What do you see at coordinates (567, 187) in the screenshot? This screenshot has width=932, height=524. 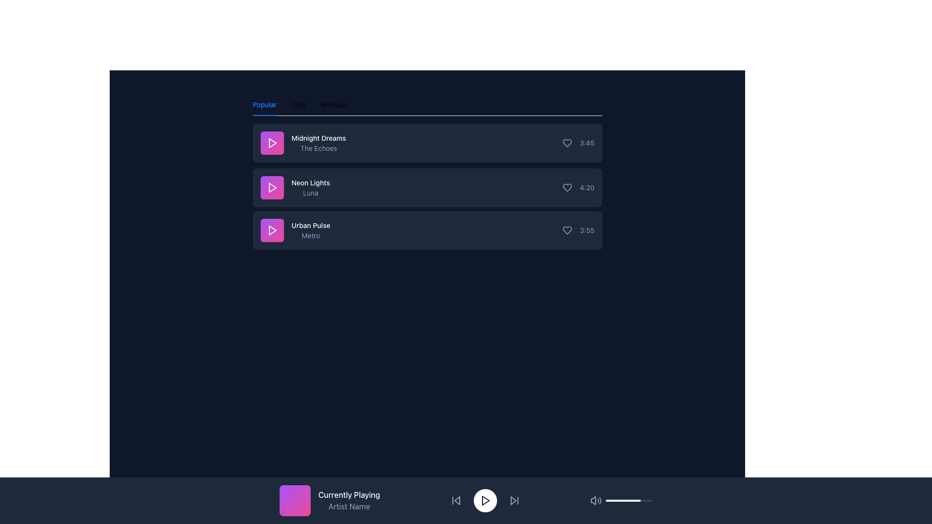 I see `the heart icon button` at bounding box center [567, 187].